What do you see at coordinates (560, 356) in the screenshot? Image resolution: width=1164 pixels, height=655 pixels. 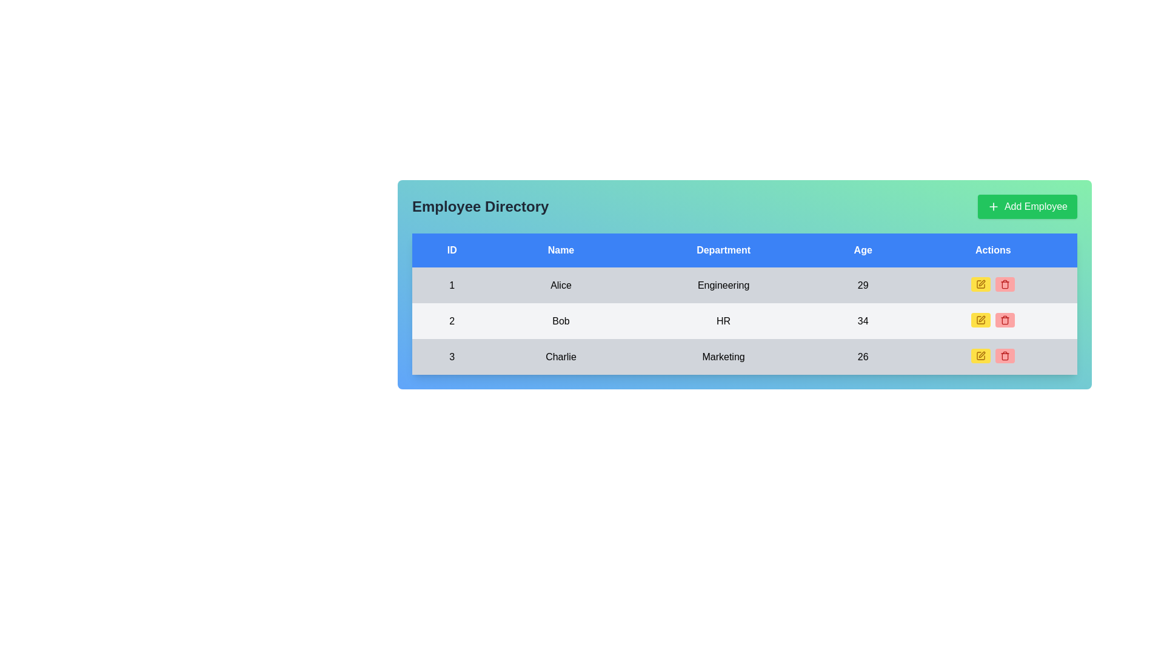 I see `the table cell displaying the text 'Charlie' in the third row of the table, located in the 'Name' column` at bounding box center [560, 356].